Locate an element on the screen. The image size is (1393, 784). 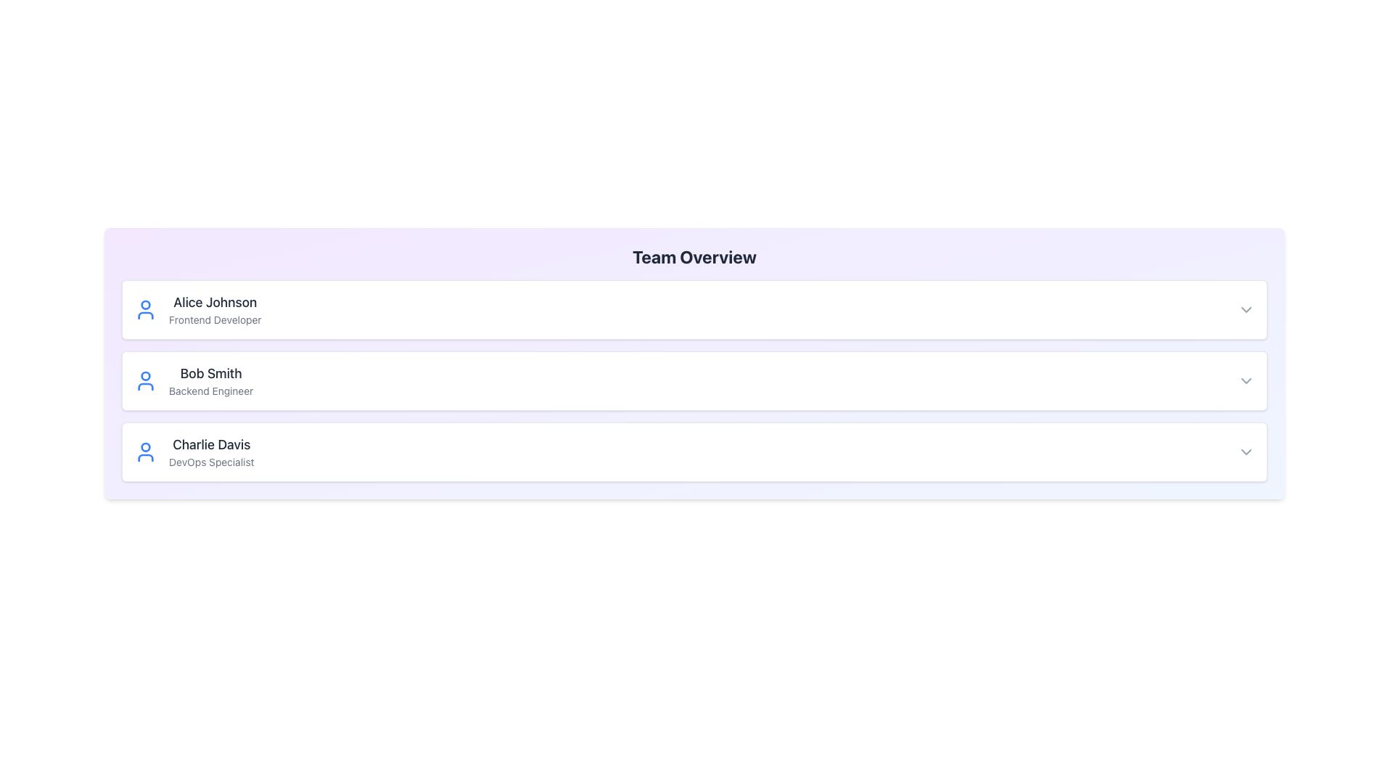
the SVG Circle representing the head of the user icon for 'Charlie Davis' in the 'Team Overview' card list, which is positioned at the top-center of the icon is located at coordinates (146, 446).